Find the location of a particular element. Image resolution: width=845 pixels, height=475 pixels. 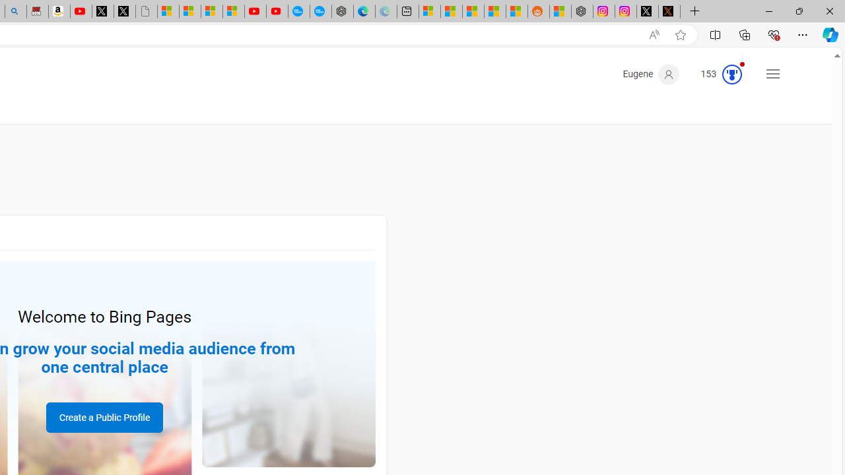

'Nordace - Nordace has arrived Hong Kong' is located at coordinates (343, 11).